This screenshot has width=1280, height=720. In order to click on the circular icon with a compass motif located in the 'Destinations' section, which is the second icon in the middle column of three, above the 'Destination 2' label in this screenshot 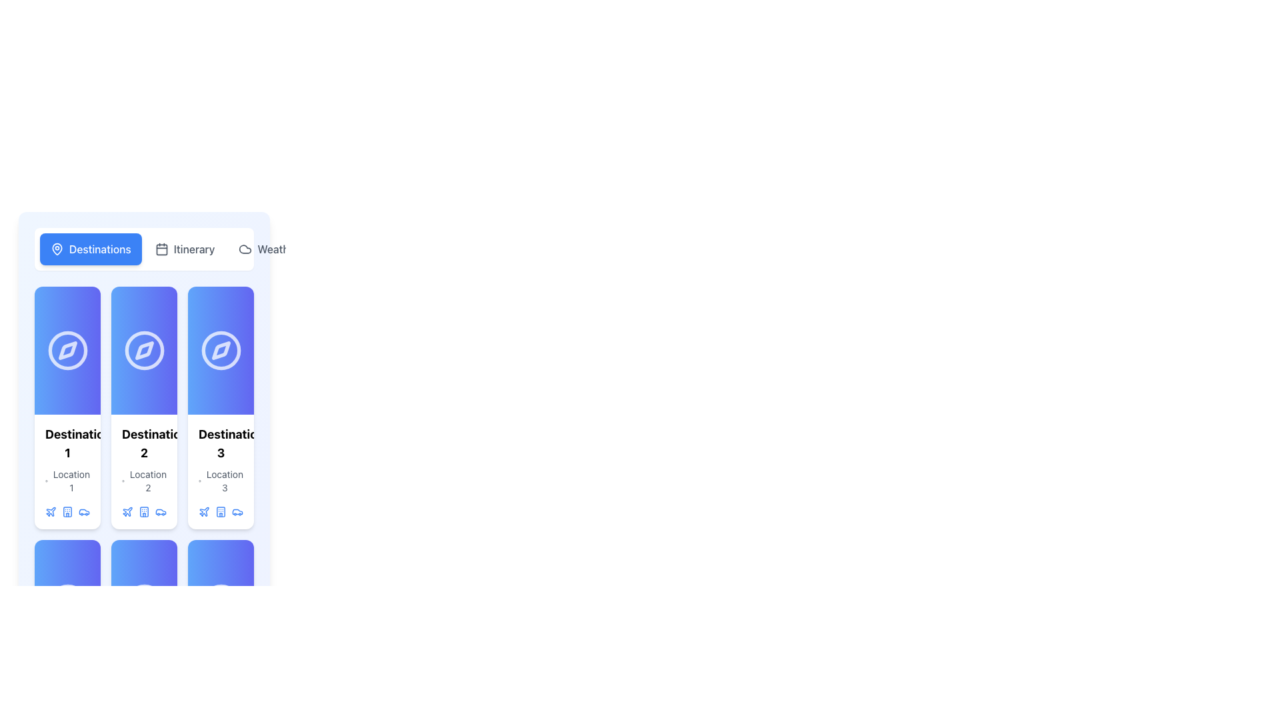, I will do `click(144, 349)`.